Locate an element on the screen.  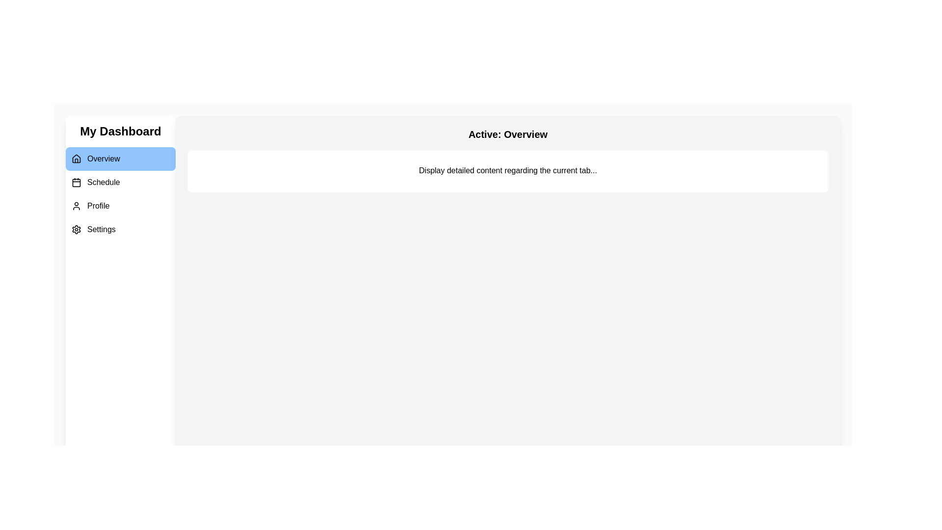
the Profile tab is located at coordinates (120, 206).